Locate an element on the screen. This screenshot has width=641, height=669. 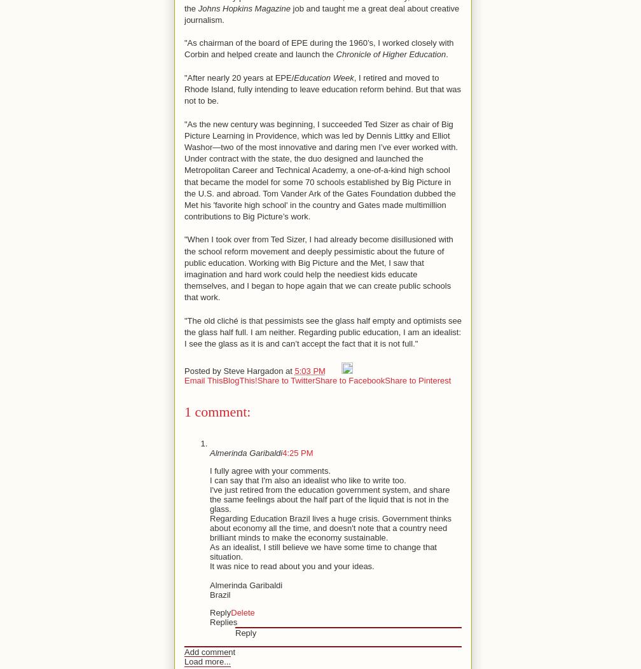
'Add comment' is located at coordinates (210, 651).